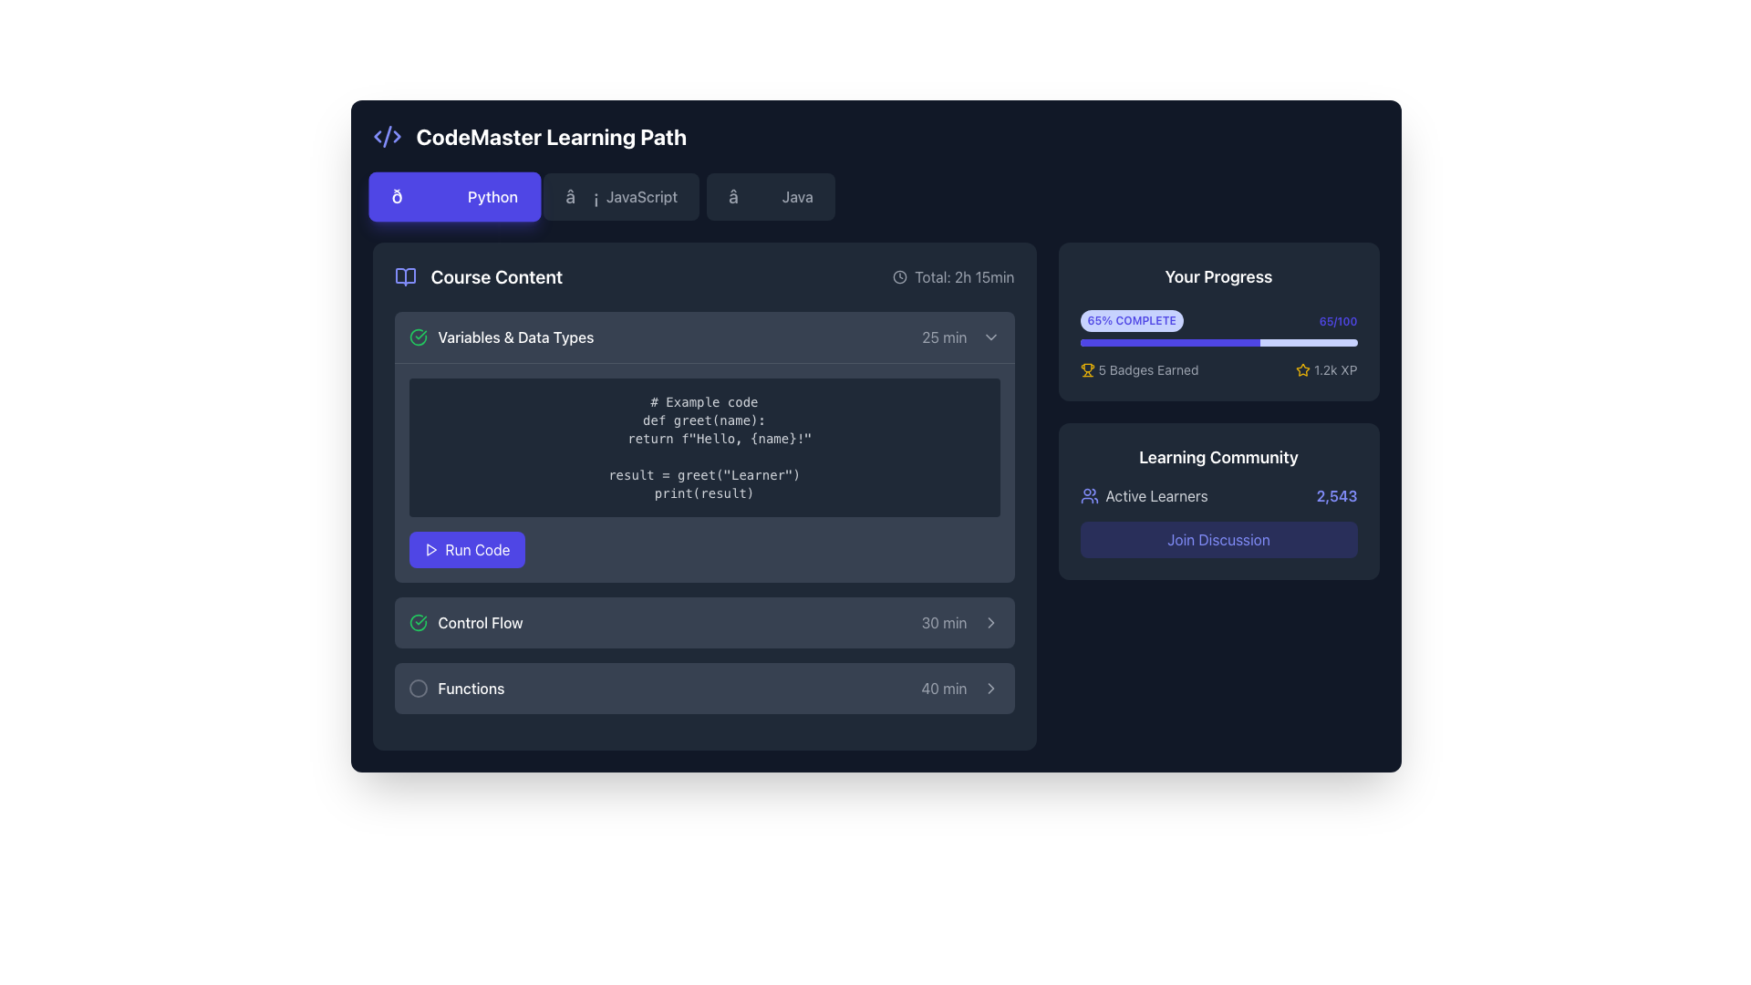 This screenshot has width=1751, height=985. What do you see at coordinates (989, 621) in the screenshot?
I see `the right-pointing chevron icon indicating navigation through keyboard navigation` at bounding box center [989, 621].